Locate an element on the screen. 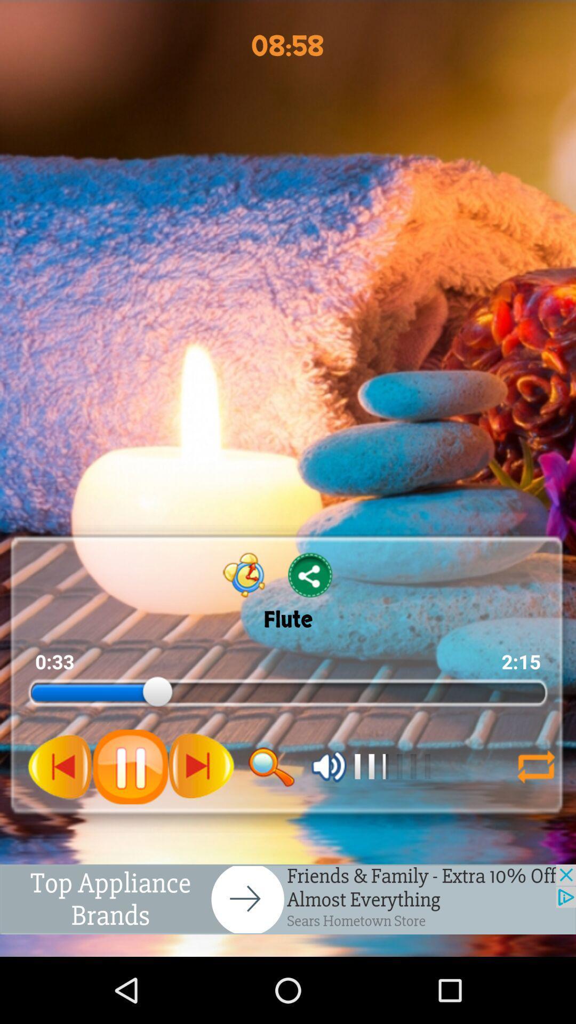  the volume icon is located at coordinates (329, 820).